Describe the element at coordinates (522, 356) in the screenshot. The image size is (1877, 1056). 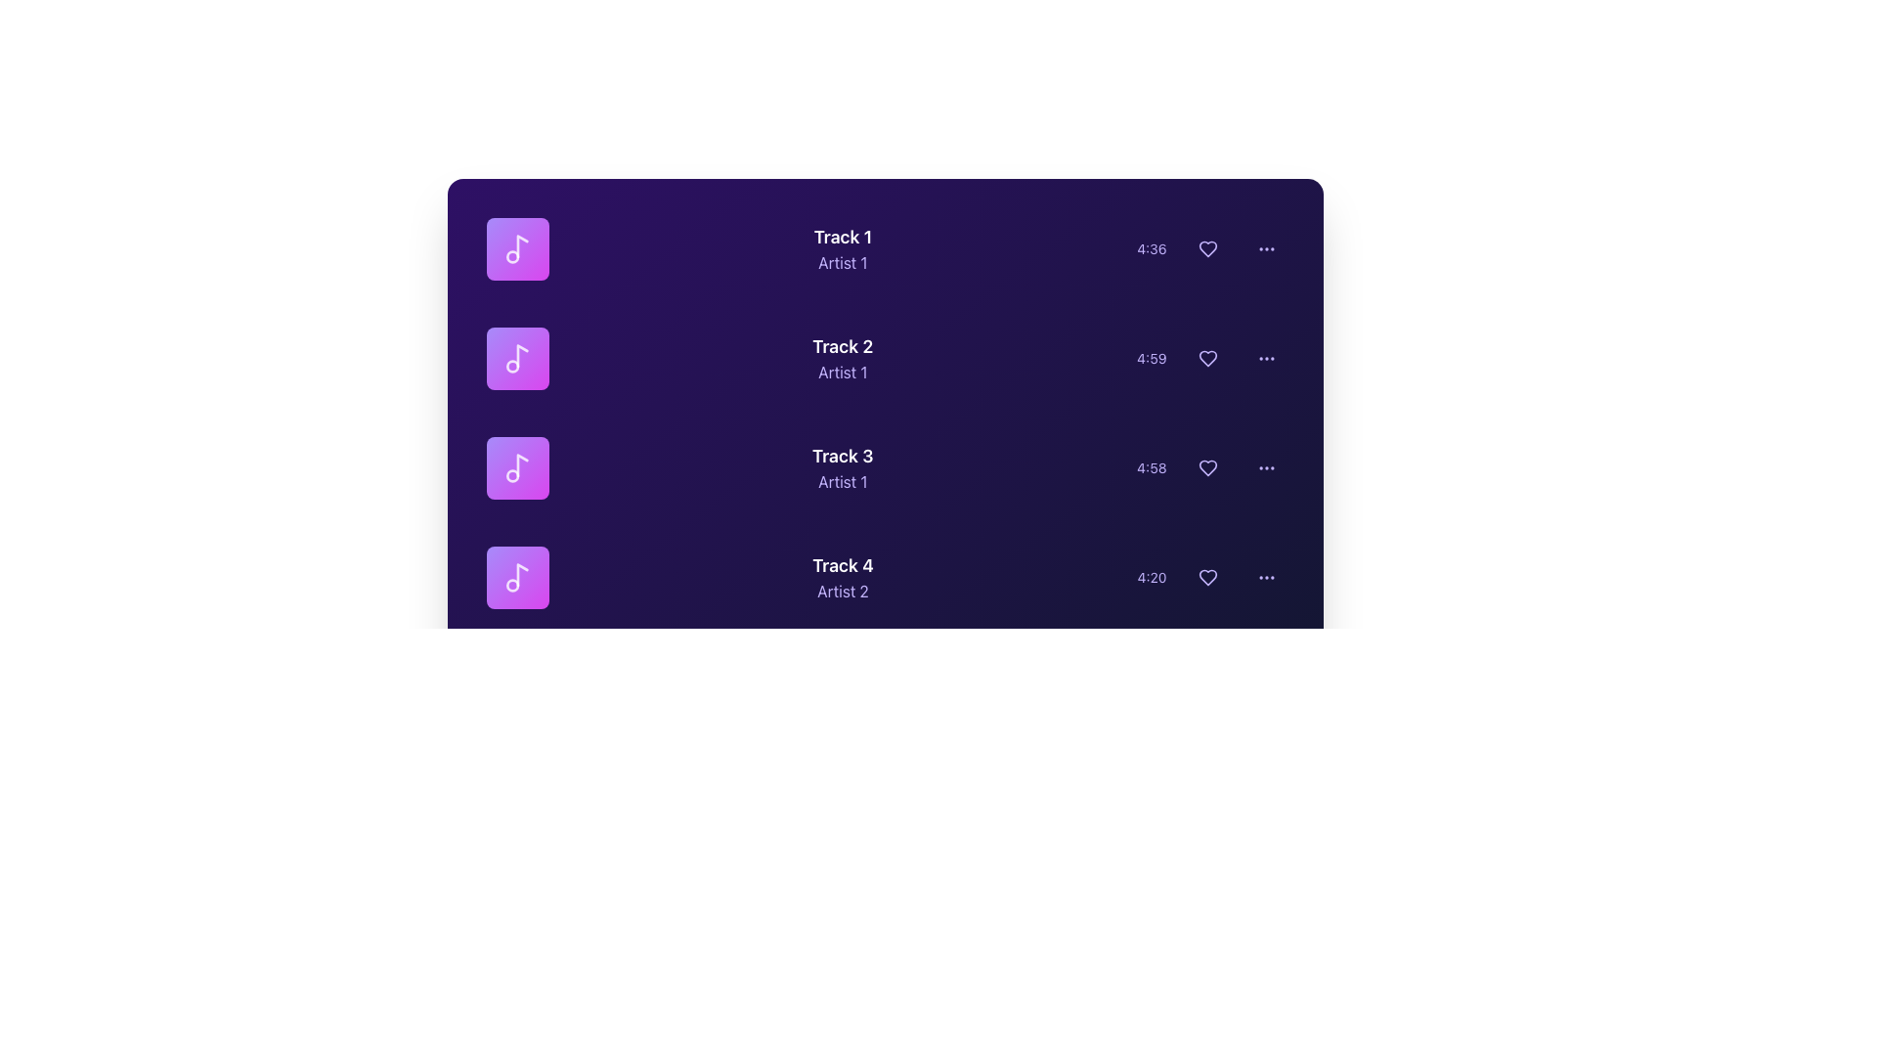
I see `SVG properties of the musical note icon located in the second position of the vertically stacked list on the left side of the interface` at that location.